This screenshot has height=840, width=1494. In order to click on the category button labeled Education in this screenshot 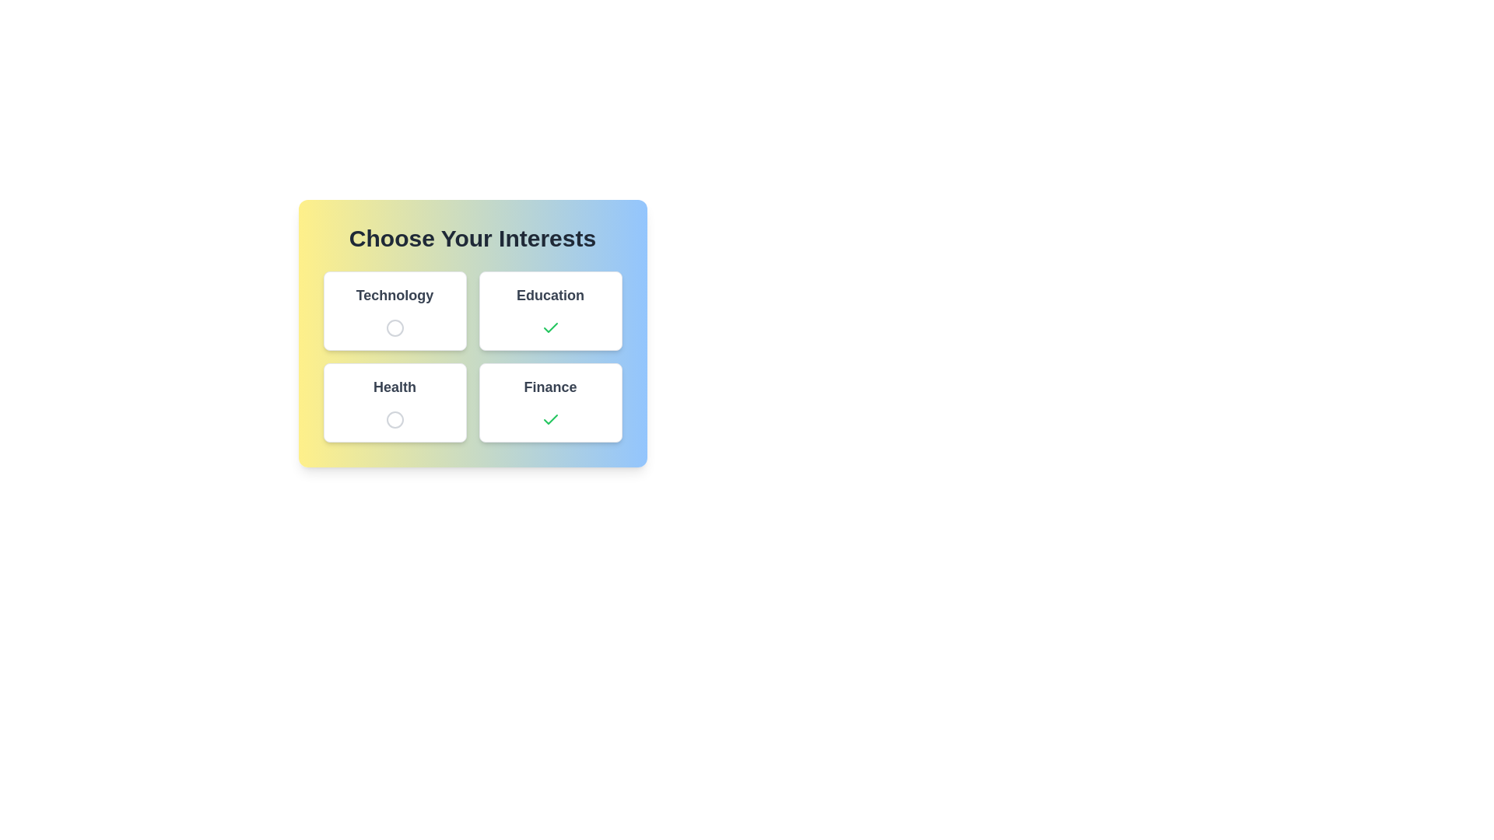, I will do `click(550, 311)`.